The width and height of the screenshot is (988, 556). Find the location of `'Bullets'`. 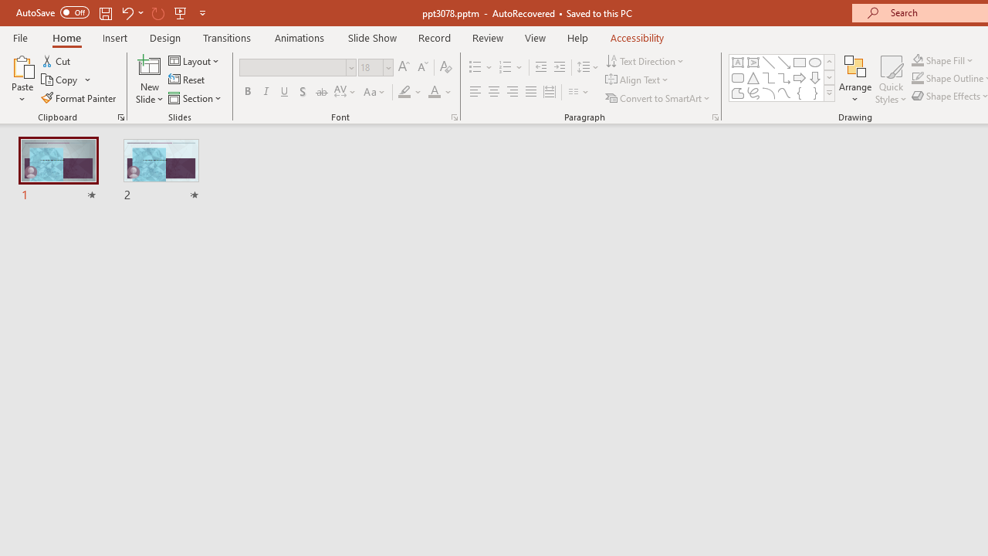

'Bullets' is located at coordinates (475, 66).